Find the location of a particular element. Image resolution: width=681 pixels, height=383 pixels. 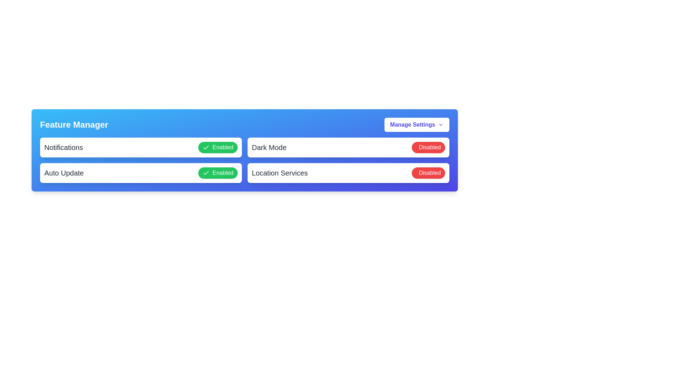

the 'Manage Settings' button to open the dropdown menu is located at coordinates (417, 124).